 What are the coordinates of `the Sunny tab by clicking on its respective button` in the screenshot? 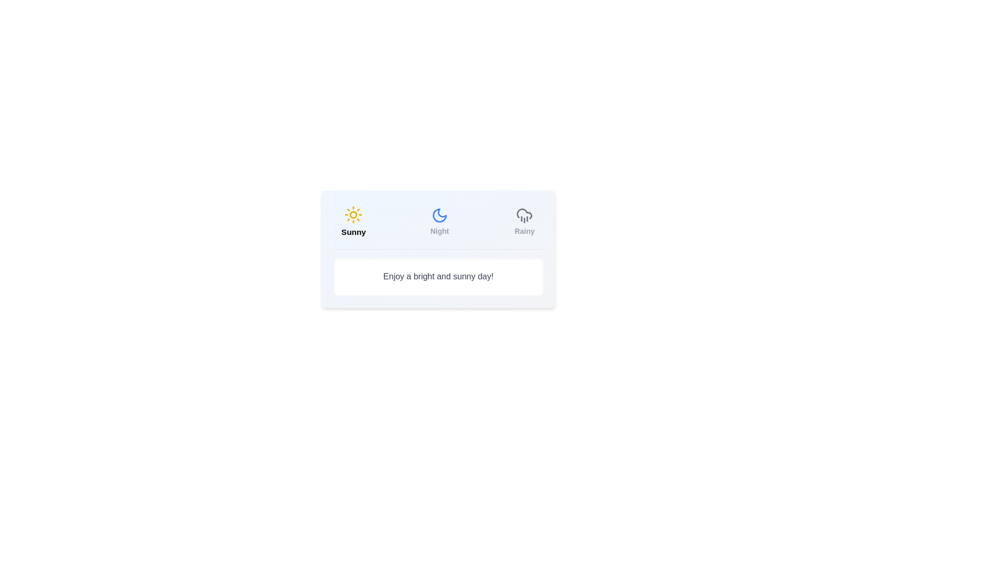 It's located at (353, 221).